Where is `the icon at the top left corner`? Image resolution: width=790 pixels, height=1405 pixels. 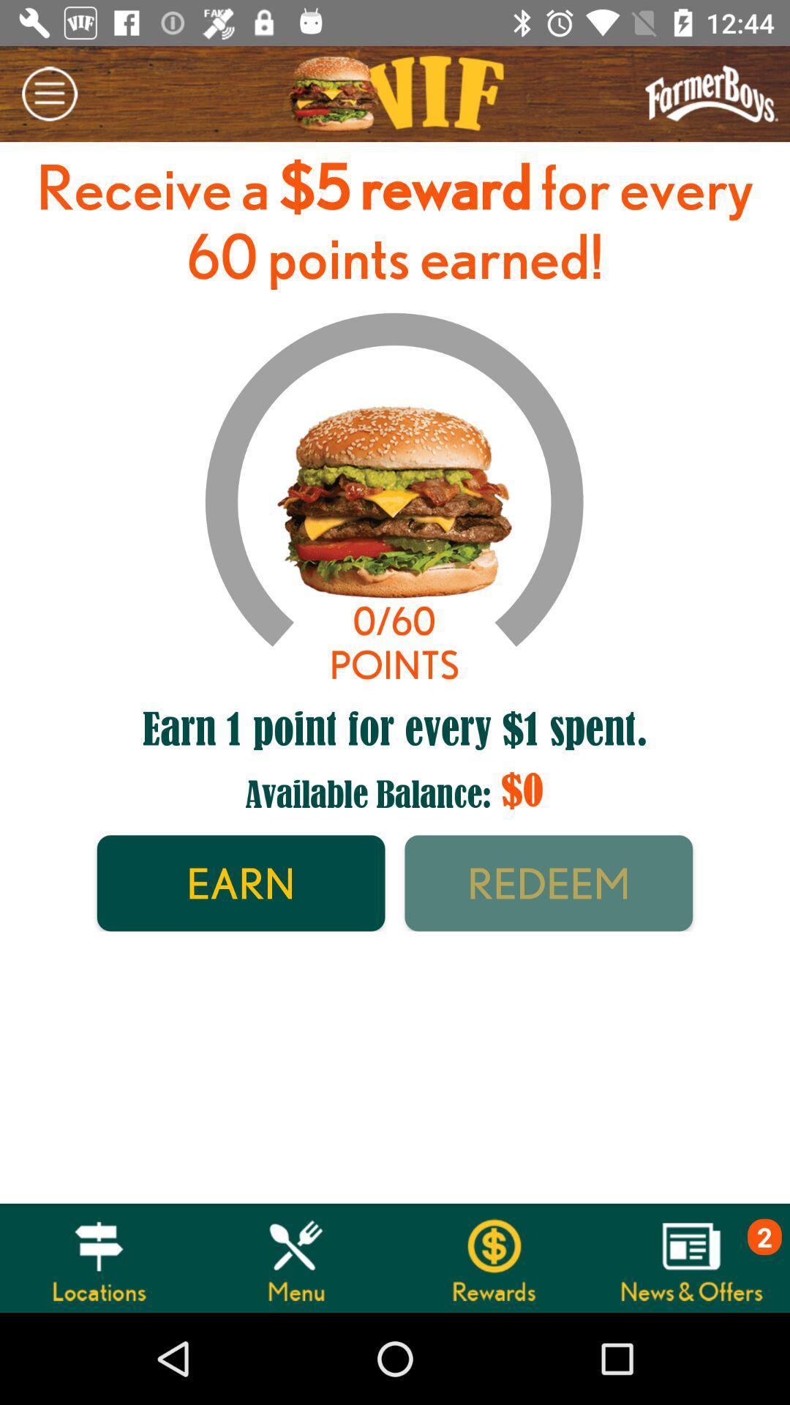 the icon at the top left corner is located at coordinates (48, 93).